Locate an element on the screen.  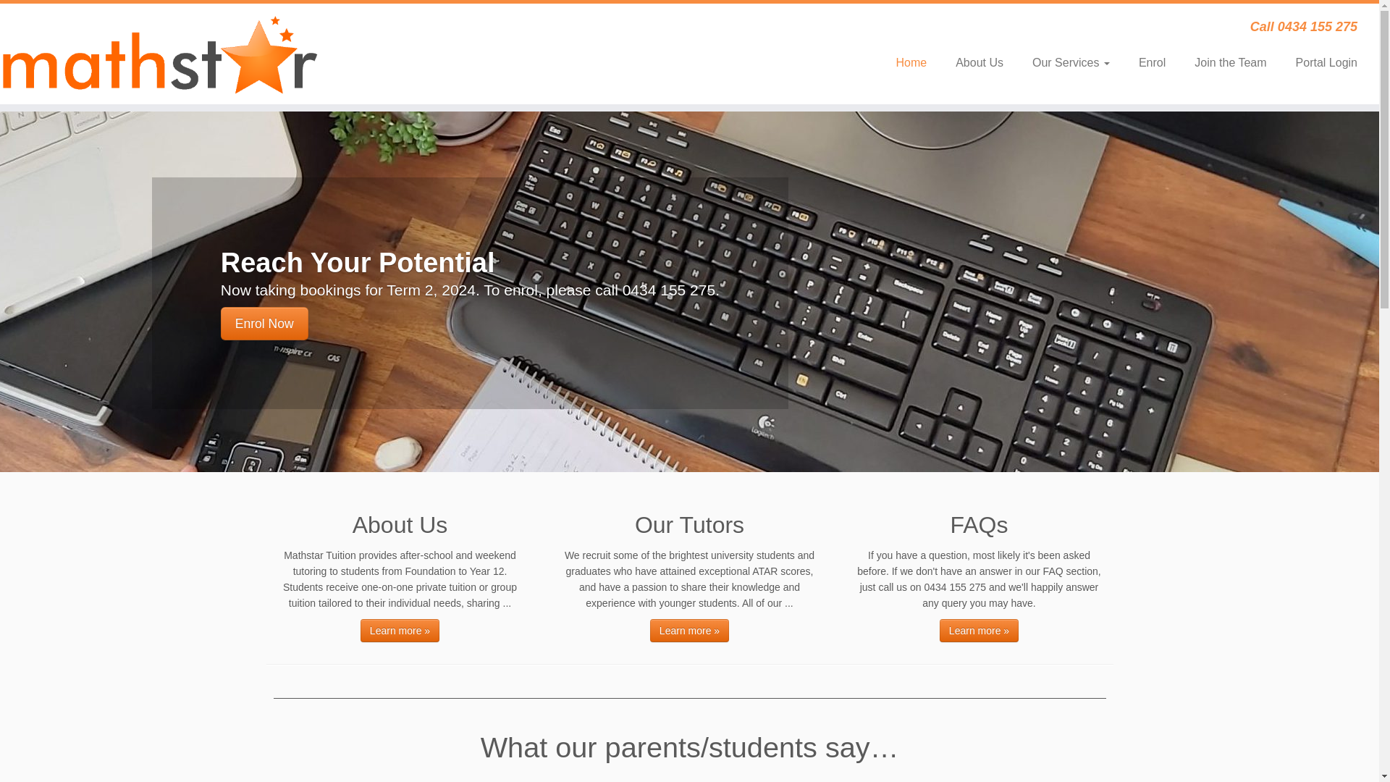
'Our Services' is located at coordinates (1071, 62).